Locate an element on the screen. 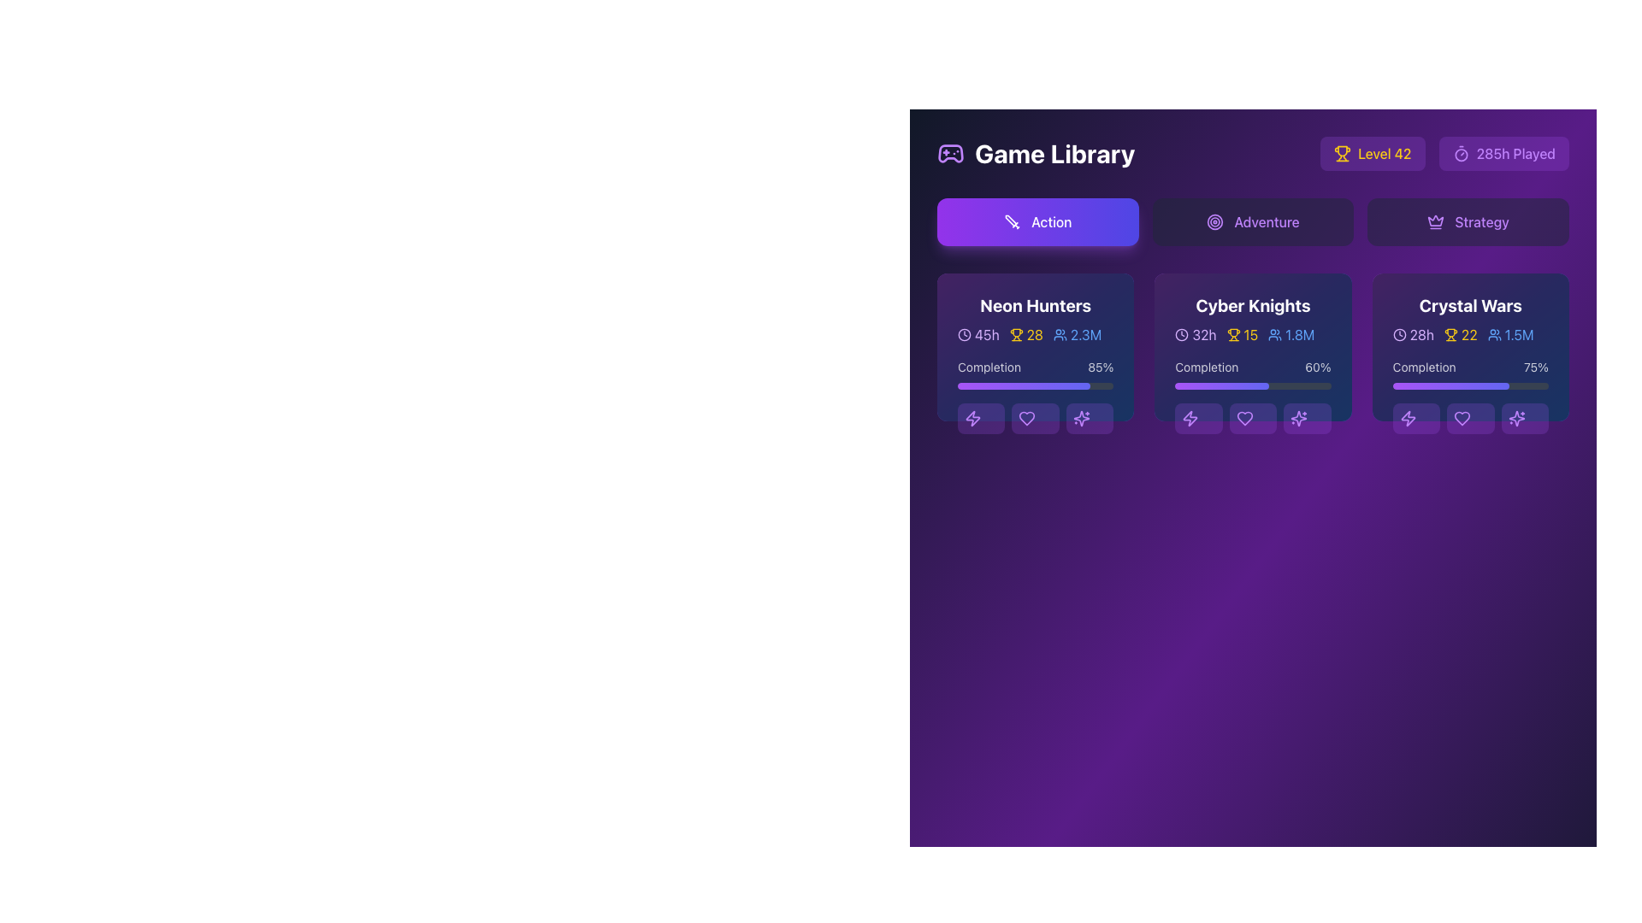 The height and width of the screenshot is (923, 1642). the Information card for the game 'Crystal Wars', which is the third card in a grid layout, located in the central area of the interface is located at coordinates (1469, 346).